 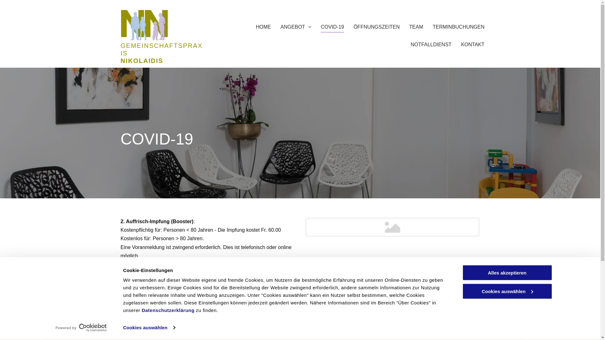 What do you see at coordinates (431, 42) in the screenshot?
I see `'NOTFALLDIENST'` at bounding box center [431, 42].